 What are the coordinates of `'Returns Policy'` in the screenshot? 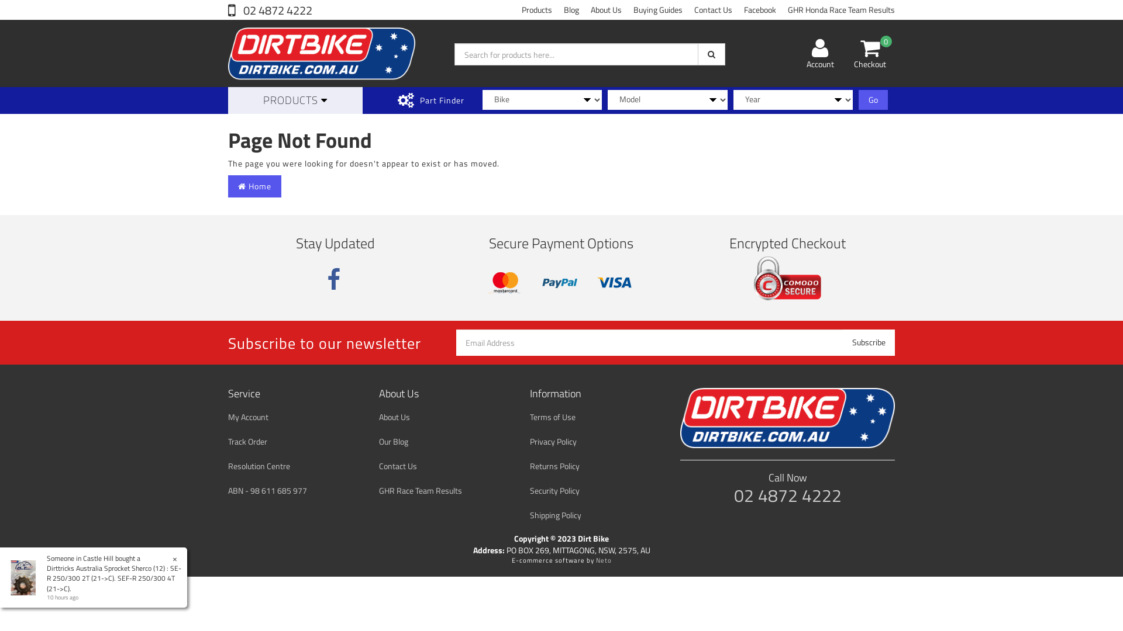 It's located at (595, 466).